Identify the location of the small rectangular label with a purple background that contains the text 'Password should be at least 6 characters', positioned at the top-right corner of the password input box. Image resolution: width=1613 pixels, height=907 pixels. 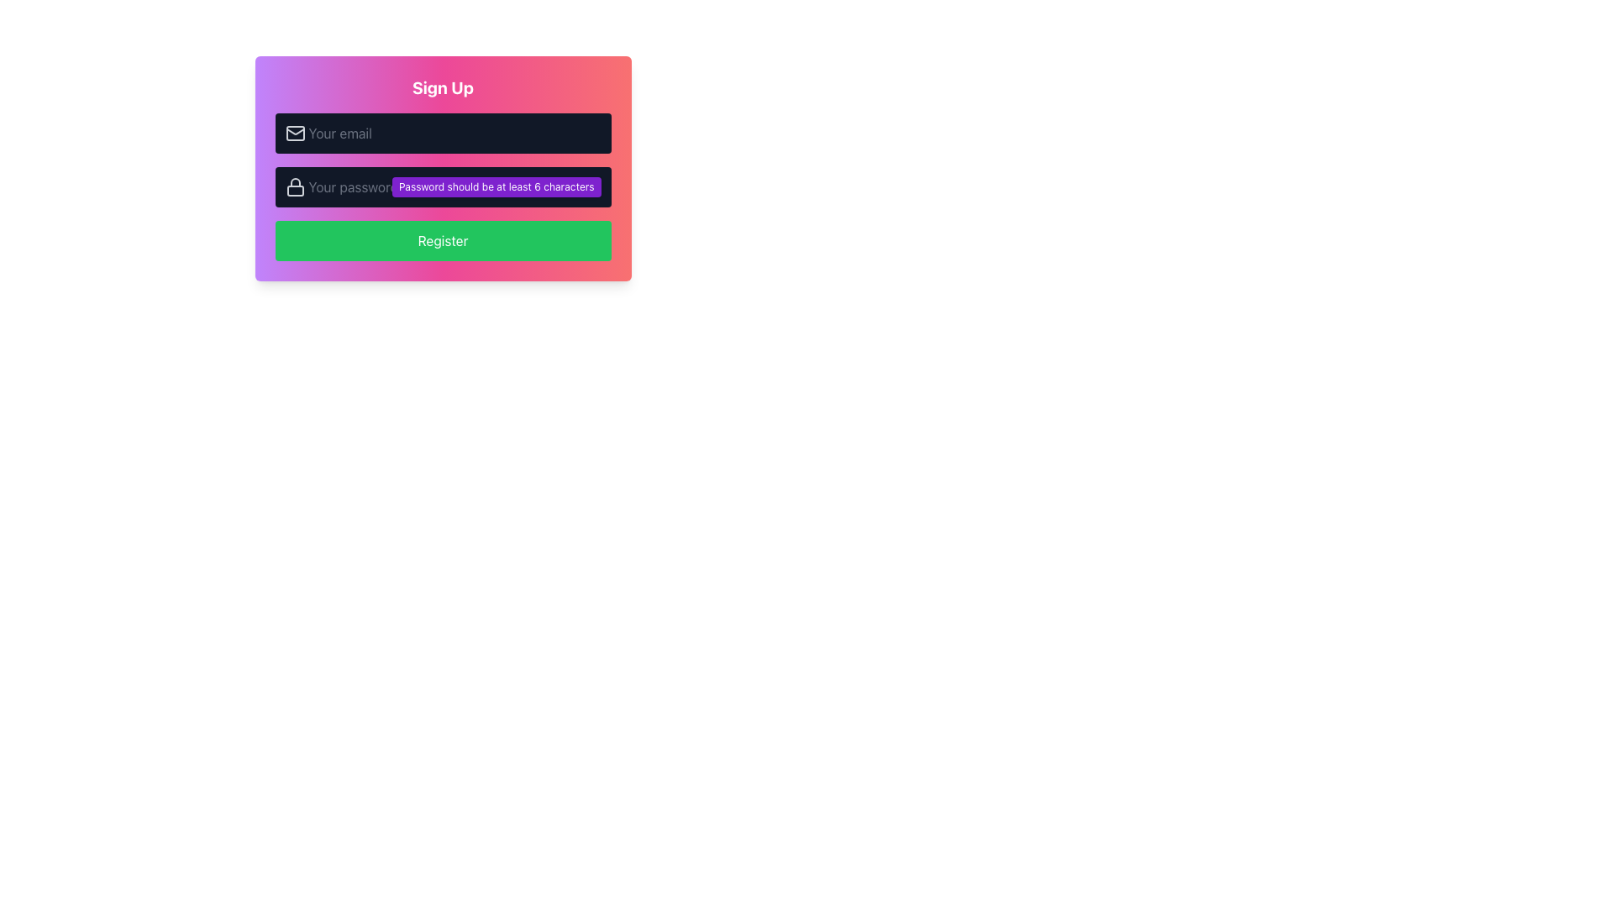
(496, 187).